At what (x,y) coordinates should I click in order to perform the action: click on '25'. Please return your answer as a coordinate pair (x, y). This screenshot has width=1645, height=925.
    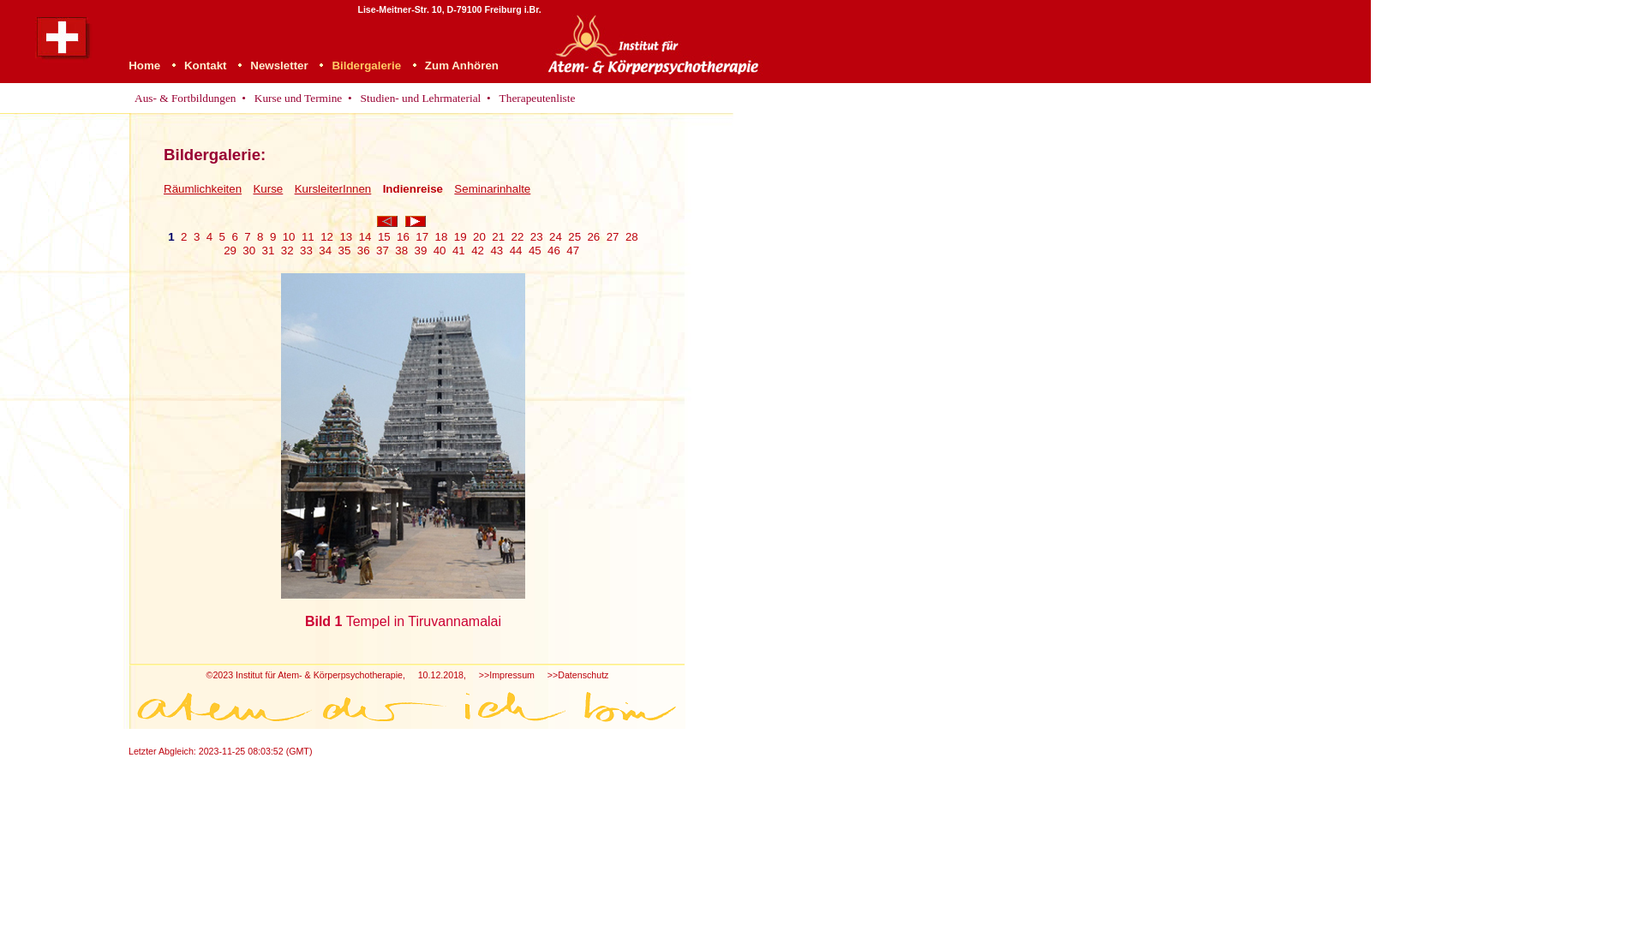
    Looking at the image, I should click on (574, 236).